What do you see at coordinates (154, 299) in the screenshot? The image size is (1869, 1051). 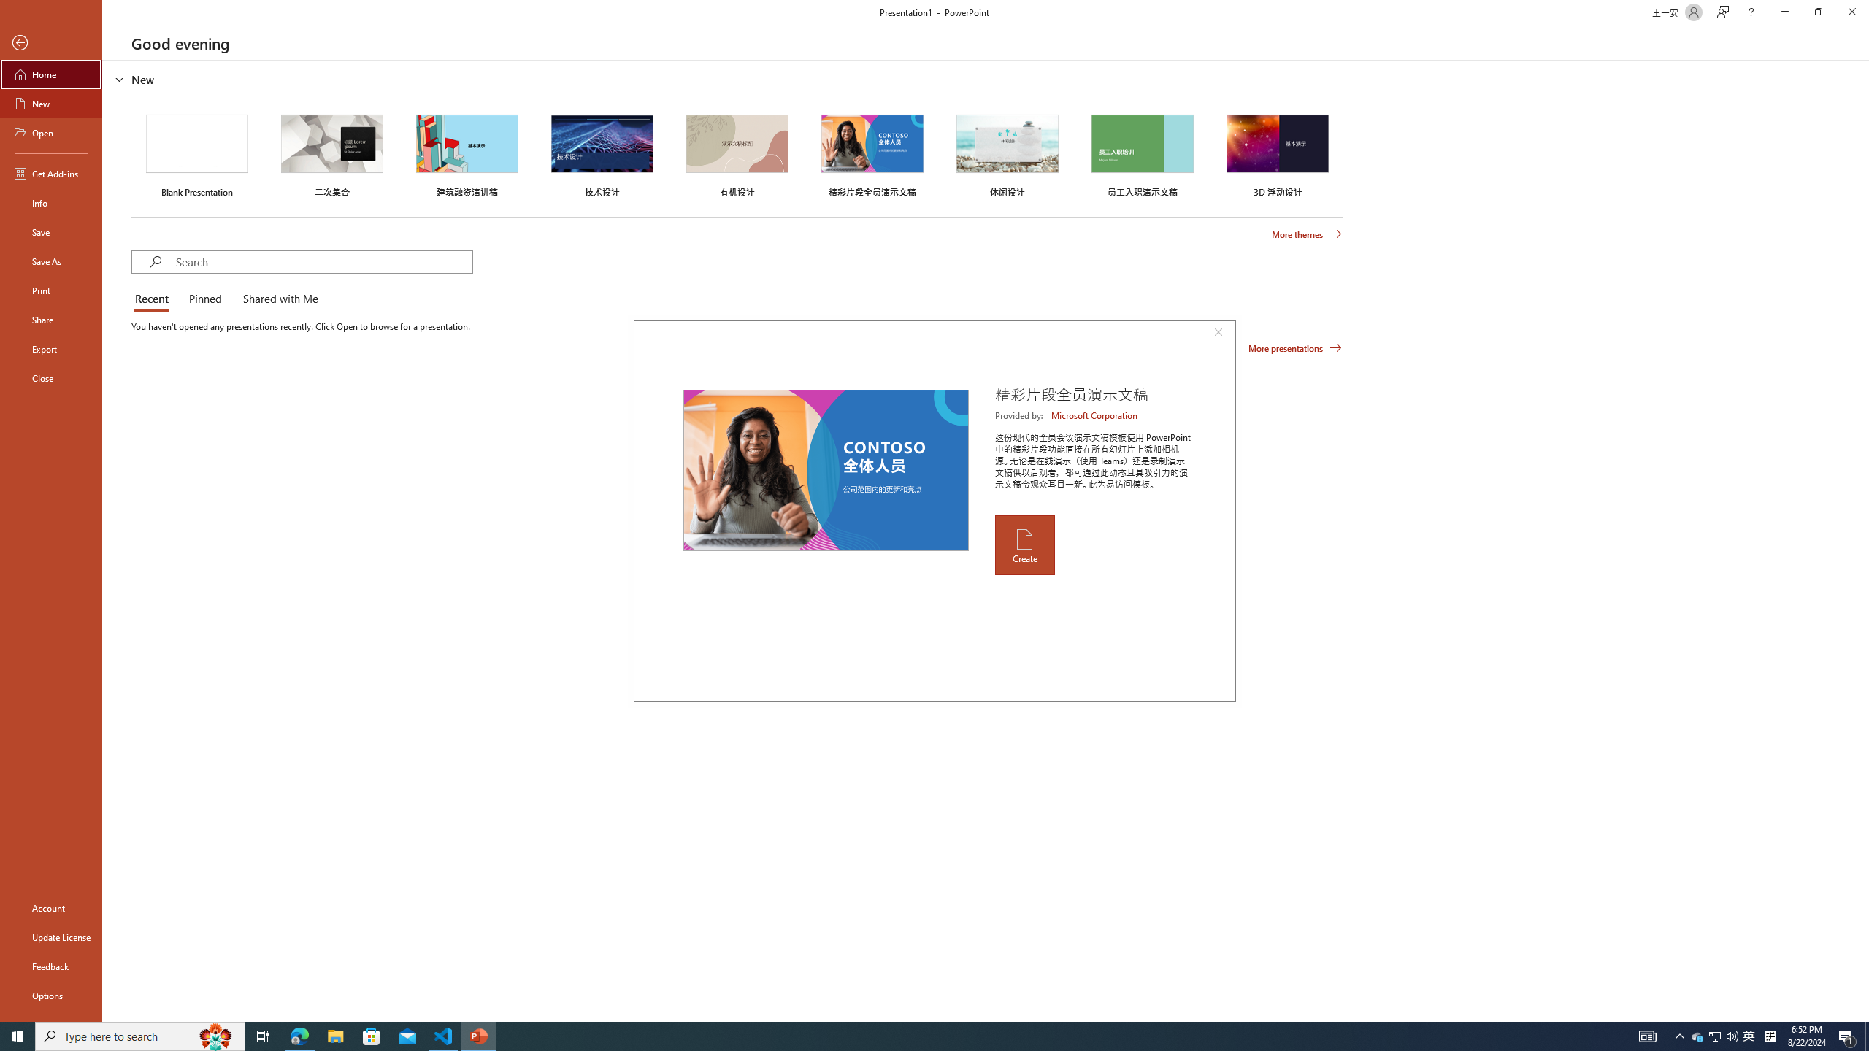 I see `'Recent'` at bounding box center [154, 299].